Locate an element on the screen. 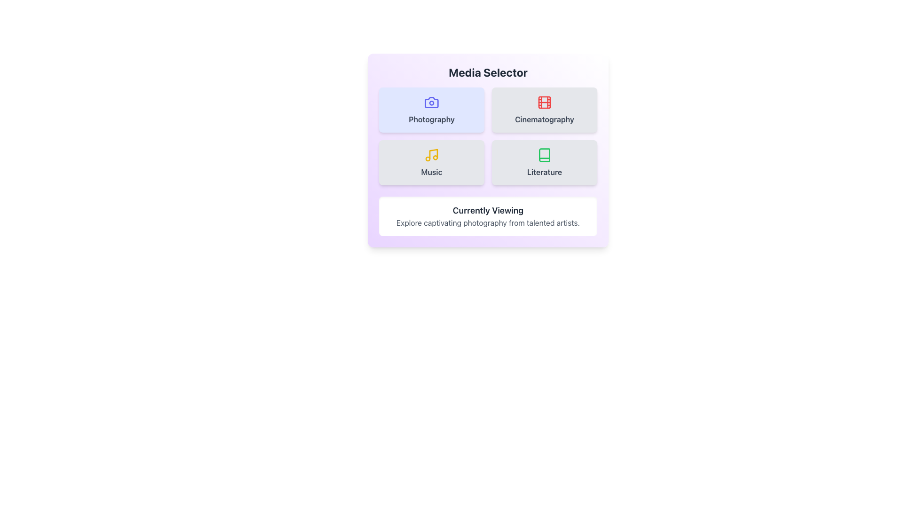 The image size is (903, 508). the 'Photography' selectable button, which is the top-left item in a 2x2 grid layout of options is located at coordinates (431, 110).